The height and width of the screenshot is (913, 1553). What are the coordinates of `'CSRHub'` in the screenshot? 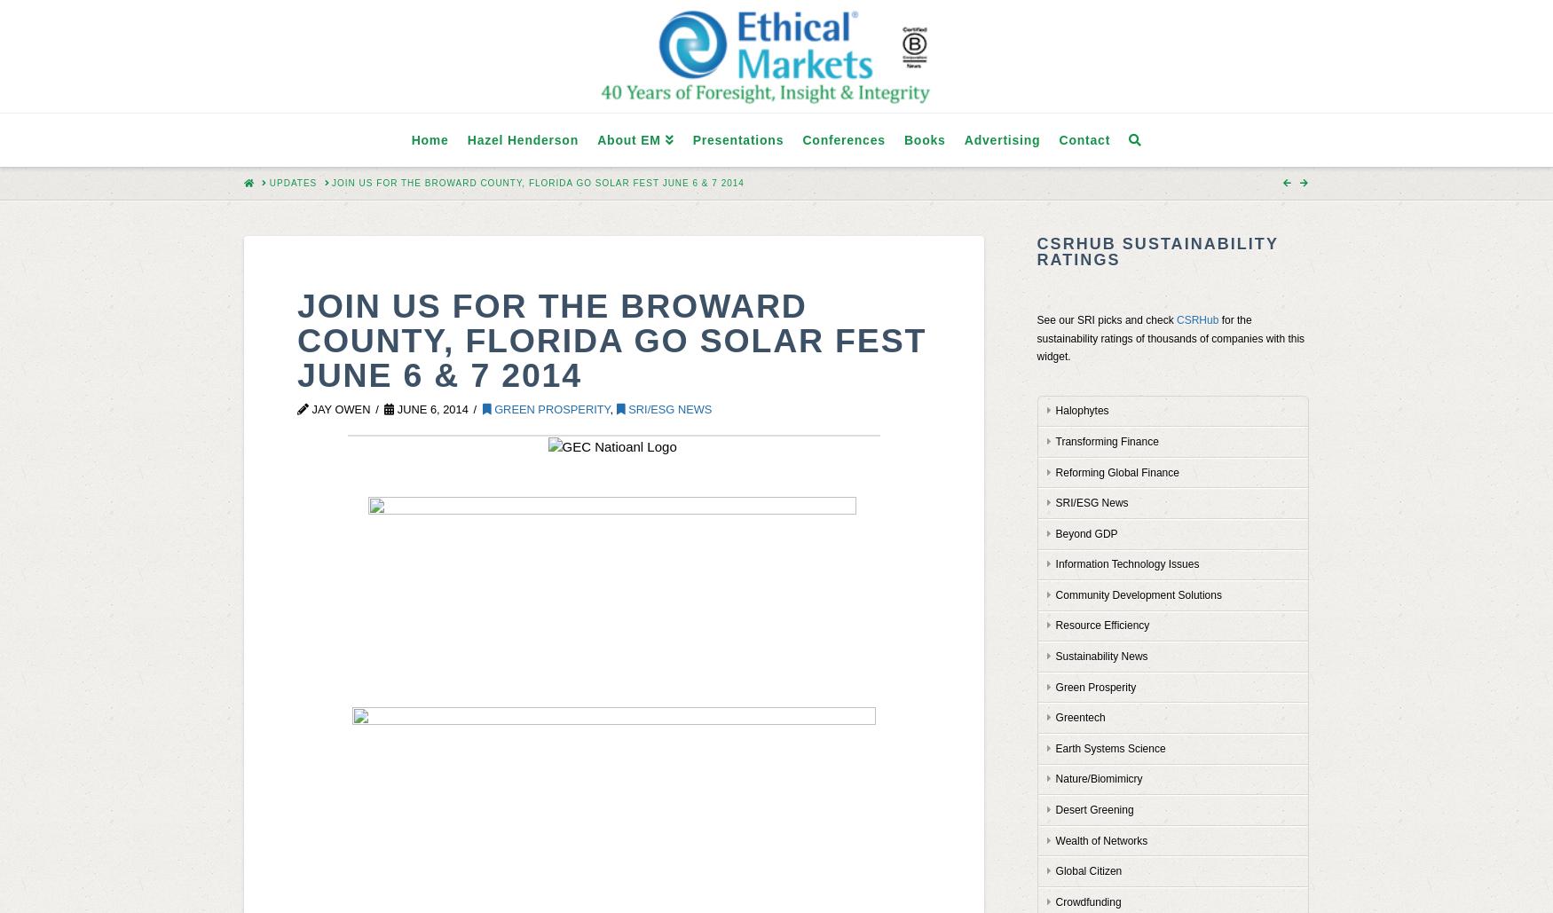 It's located at (1197, 319).